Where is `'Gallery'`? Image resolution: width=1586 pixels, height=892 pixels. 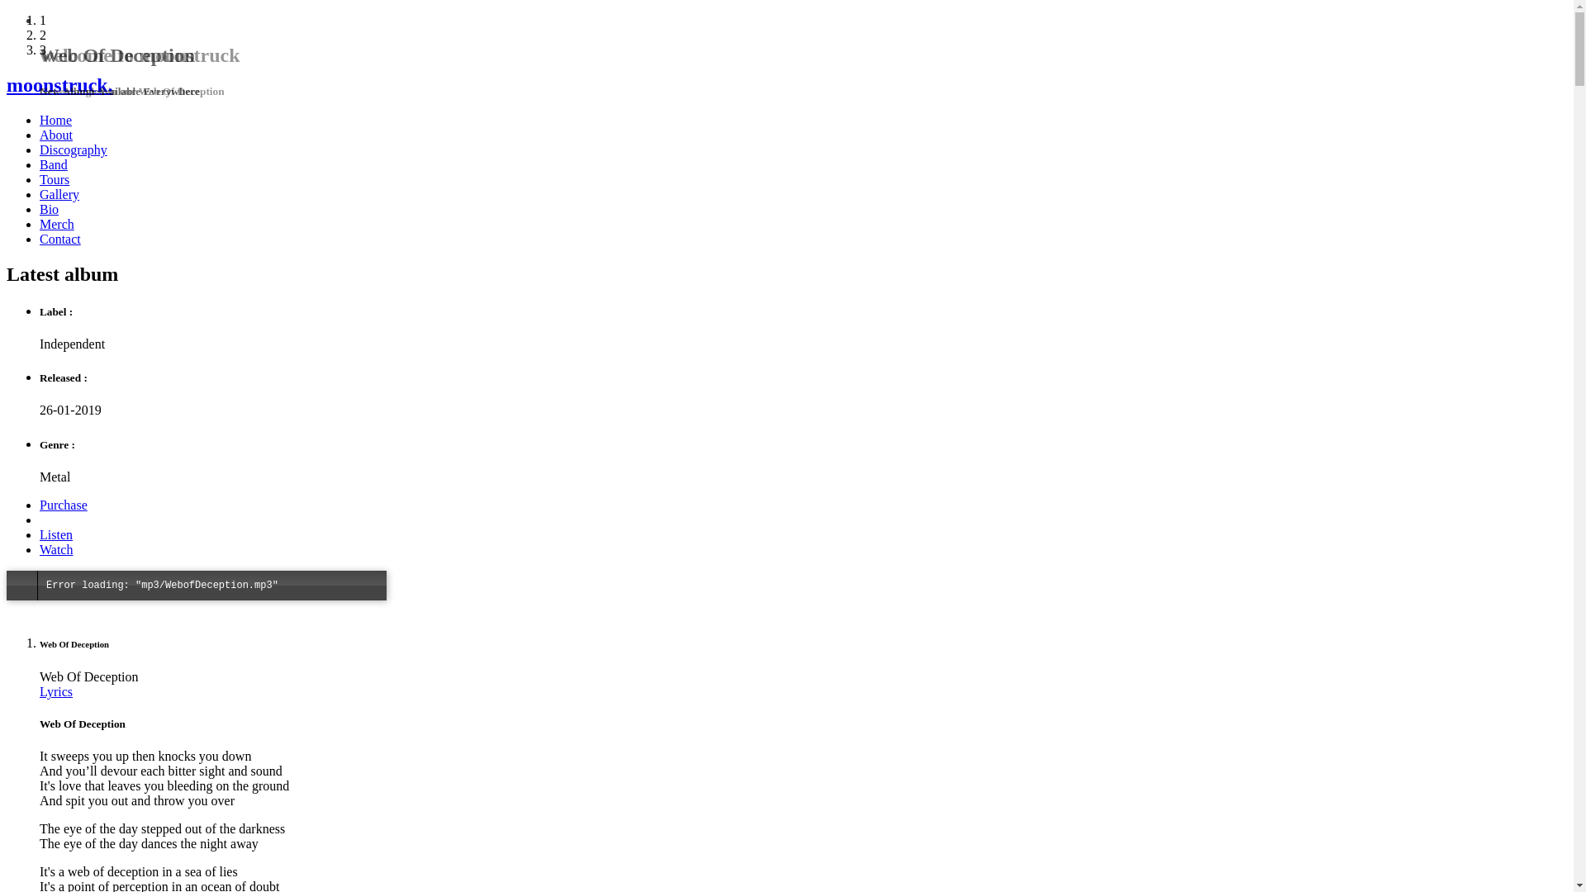 'Gallery' is located at coordinates (40, 193).